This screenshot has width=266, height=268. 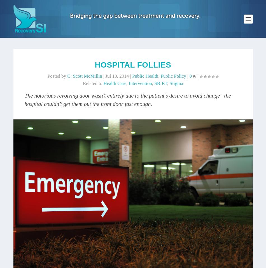 I want to click on 'Posted by', so click(x=57, y=75).